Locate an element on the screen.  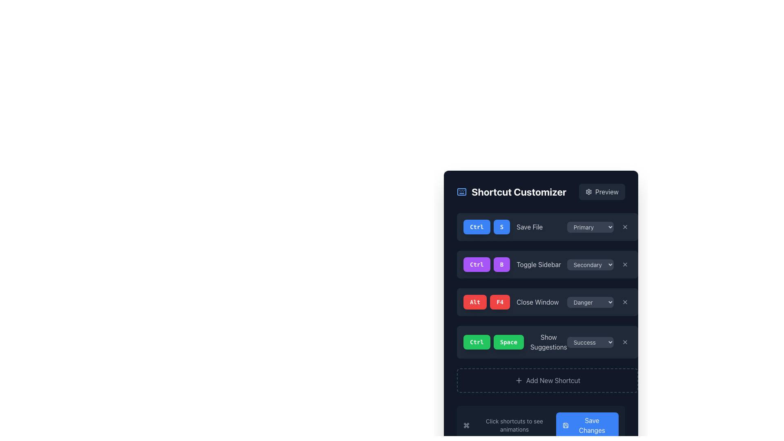
the 'Secondary' dropdown menu located is located at coordinates (590, 265).